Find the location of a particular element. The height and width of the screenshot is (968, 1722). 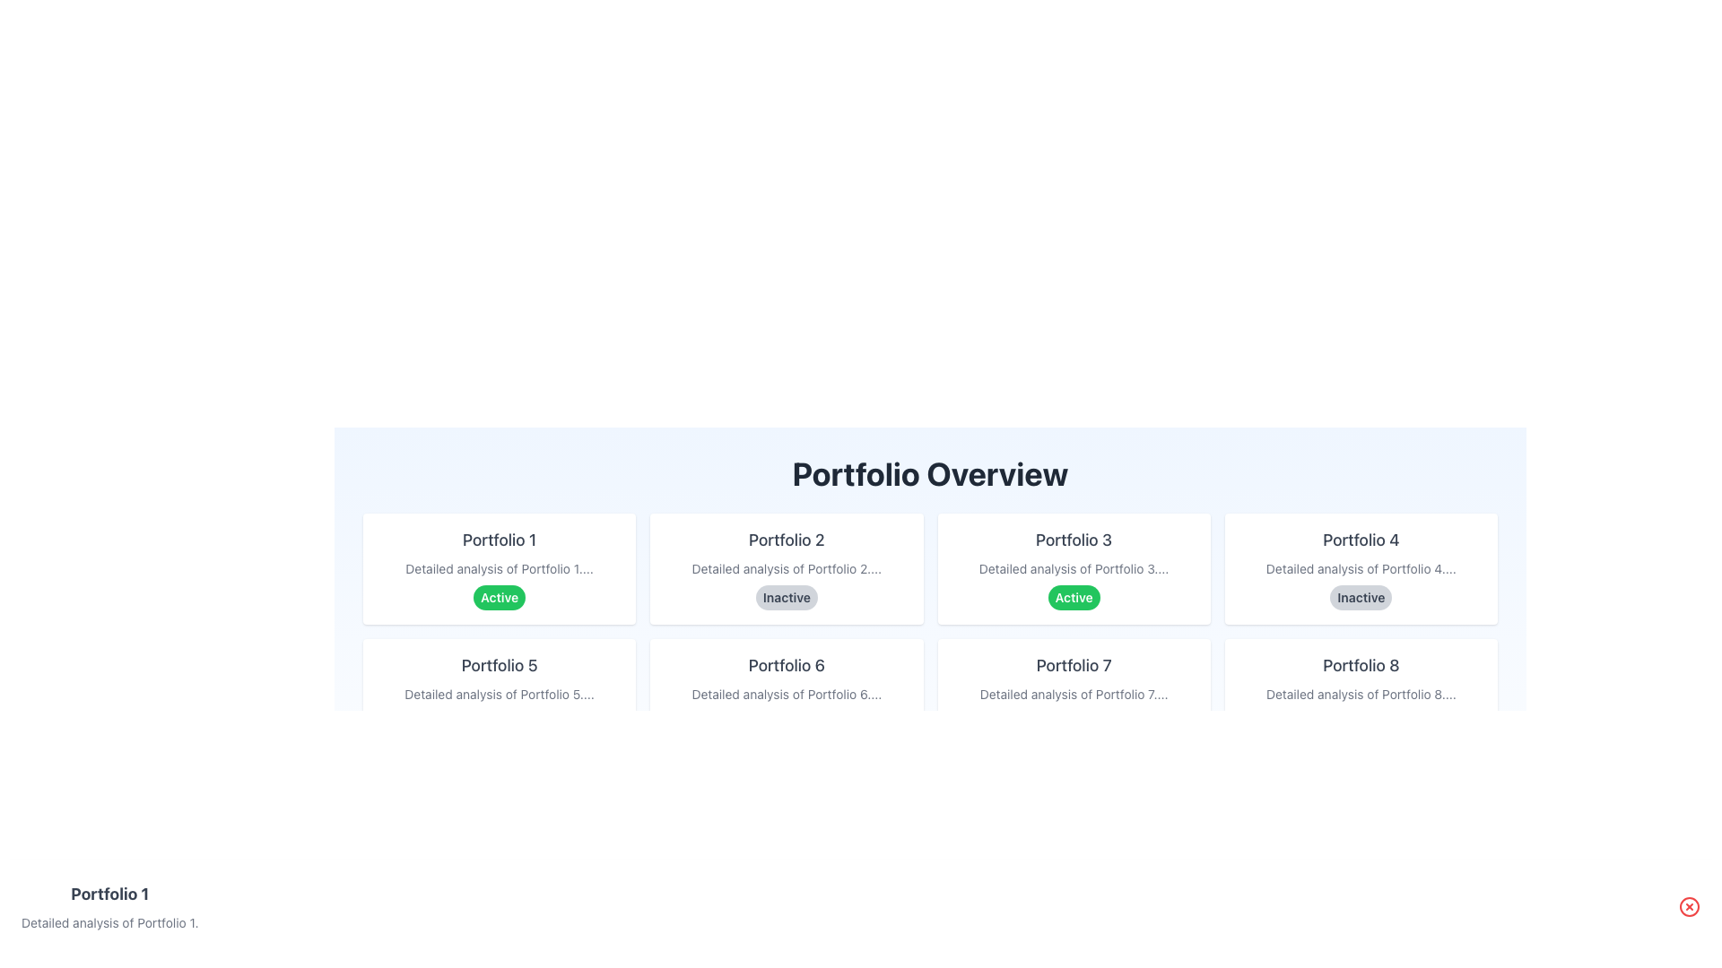

the card labeled 'Portfolio 8' which has a light white background, rounded rectangular shape, and an 'Inactive' badge at the bottom is located at coordinates (1361, 694).